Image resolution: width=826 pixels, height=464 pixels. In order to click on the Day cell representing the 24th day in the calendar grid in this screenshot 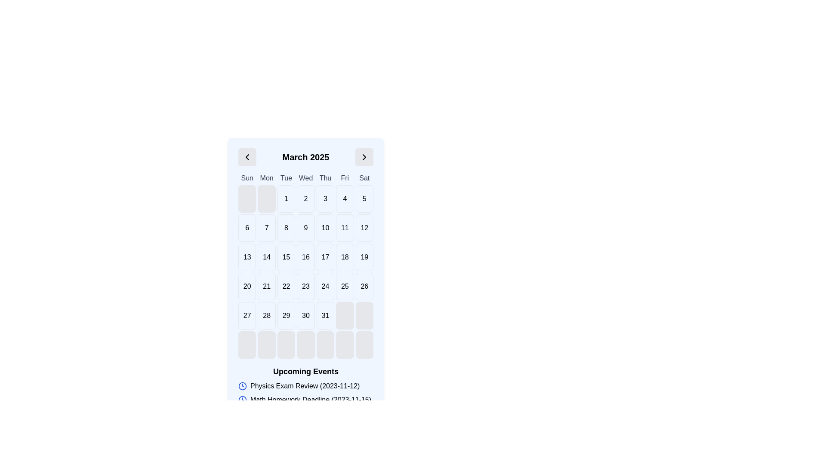, I will do `click(325, 287)`.